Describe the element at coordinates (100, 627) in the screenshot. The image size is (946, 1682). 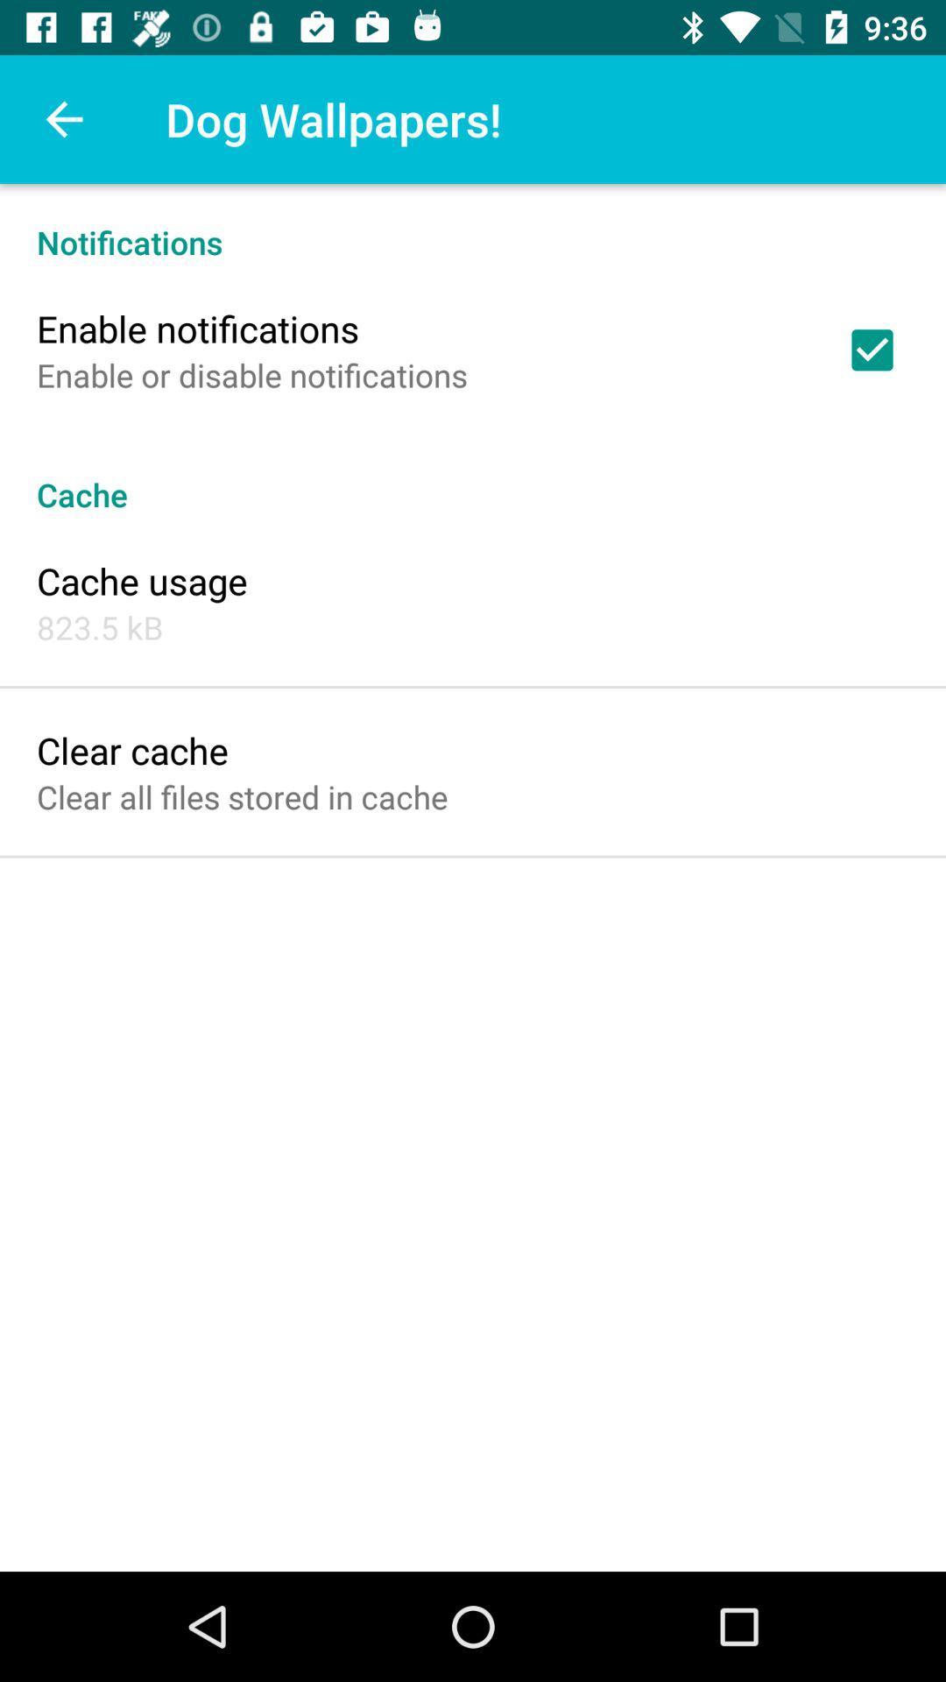
I see `823.5 kb` at that location.